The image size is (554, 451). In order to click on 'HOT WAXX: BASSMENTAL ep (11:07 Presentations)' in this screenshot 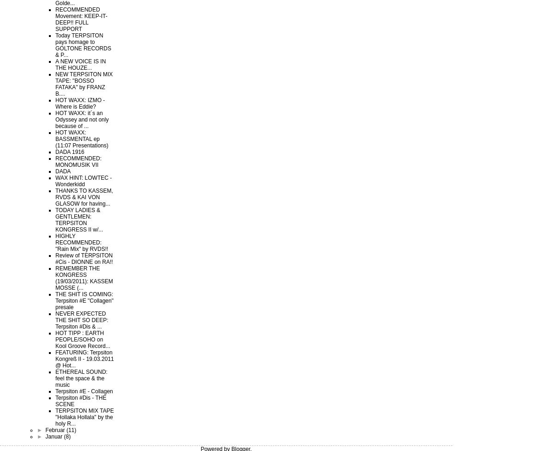, I will do `click(81, 139)`.